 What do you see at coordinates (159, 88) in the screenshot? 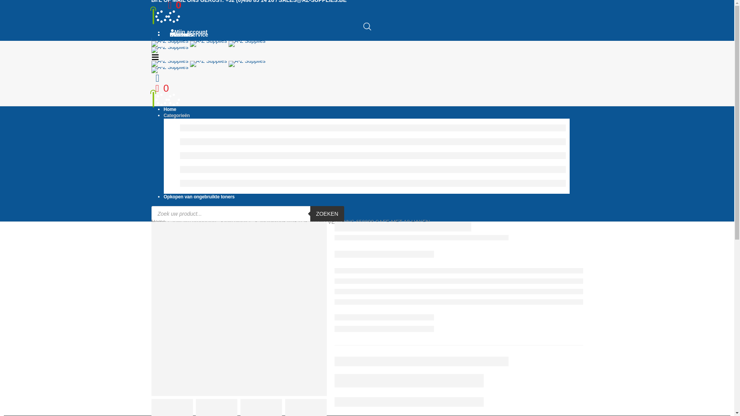
I see `'0'` at bounding box center [159, 88].